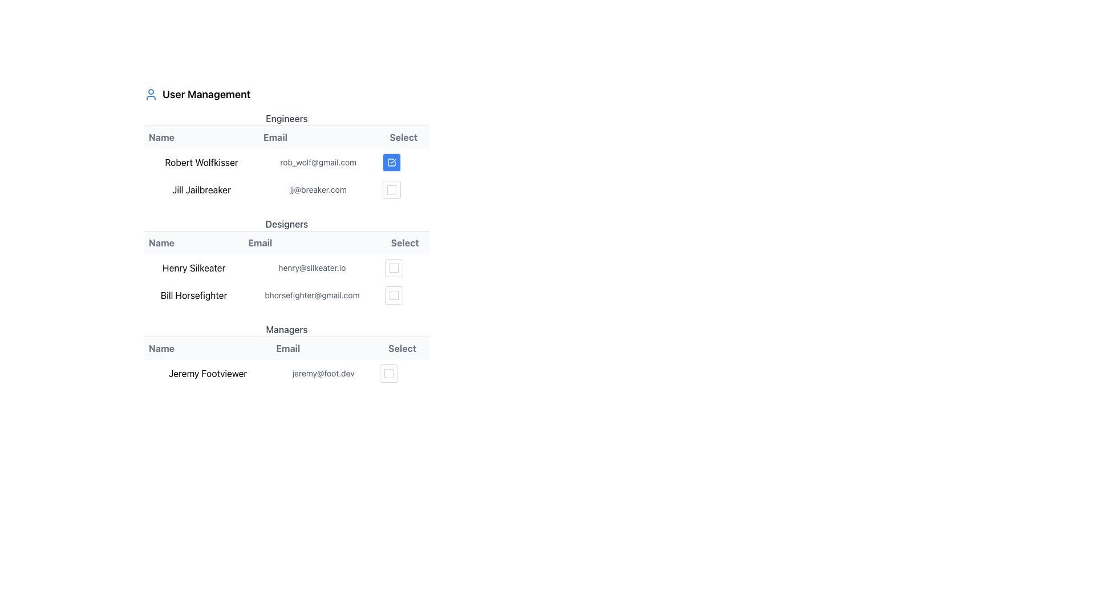 Image resolution: width=1095 pixels, height=616 pixels. Describe the element at coordinates (391, 189) in the screenshot. I see `the small square button in the 'Select' column next to user 'Jill Jailbreaker' in the 'Engineers' table` at that location.